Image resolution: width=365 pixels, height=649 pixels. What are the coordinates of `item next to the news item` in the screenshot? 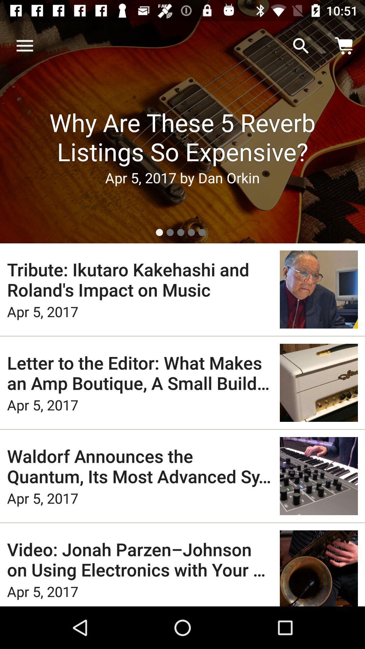 It's located at (301, 46).